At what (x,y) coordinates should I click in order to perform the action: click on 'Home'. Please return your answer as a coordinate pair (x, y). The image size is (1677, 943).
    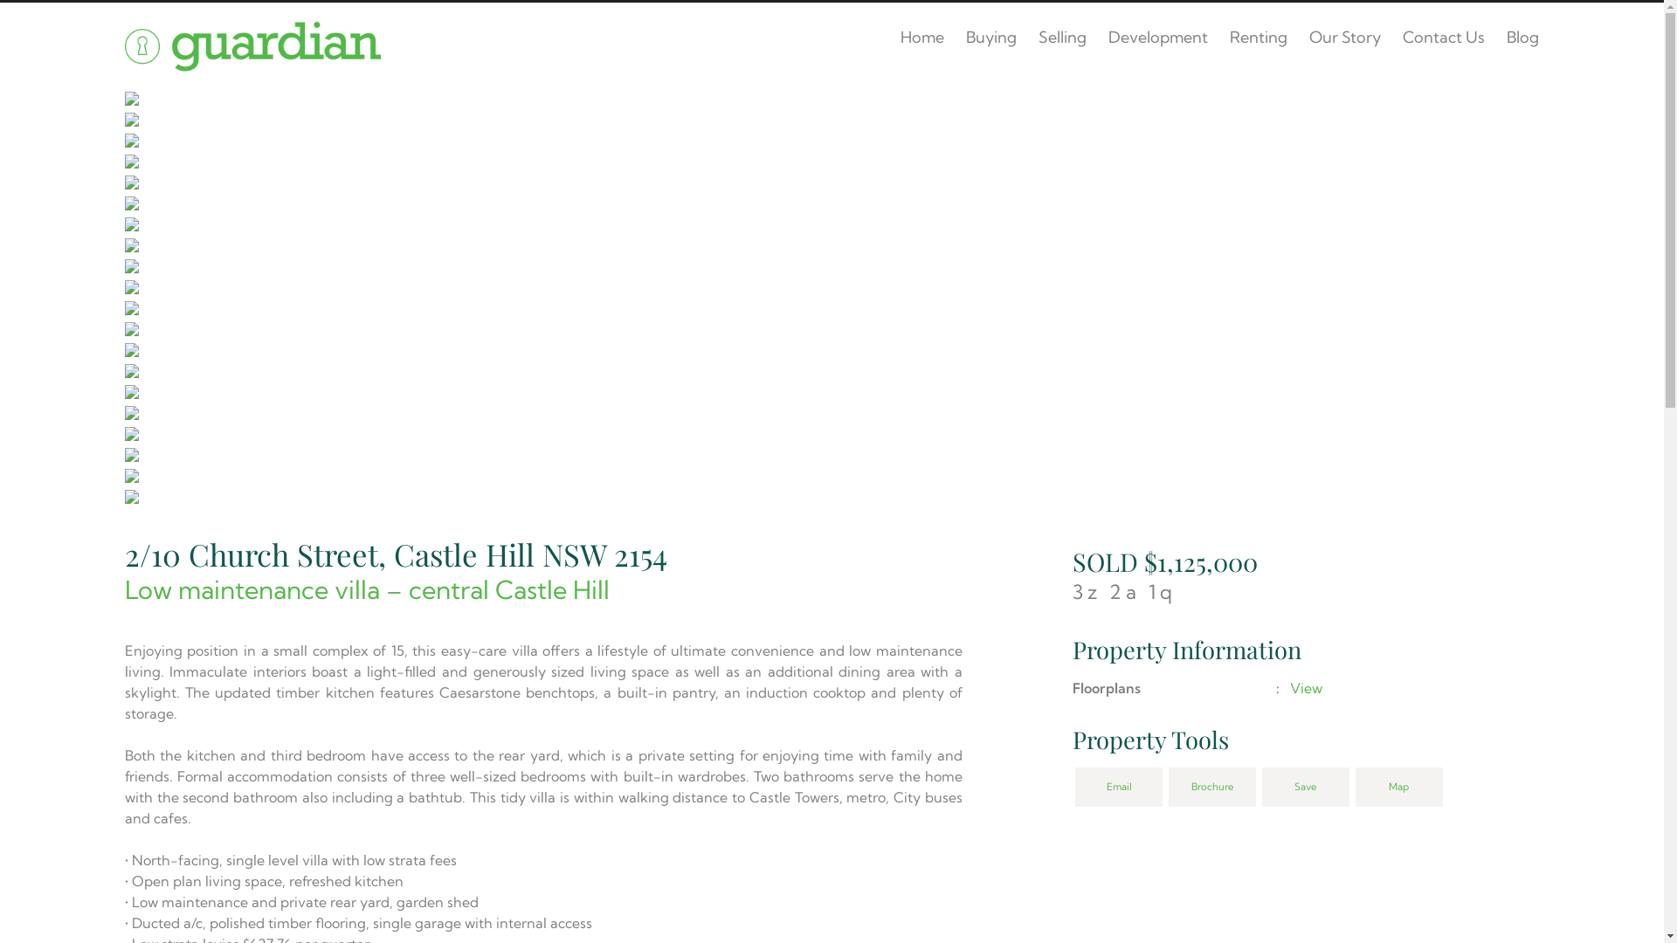
    Looking at the image, I should click on (921, 37).